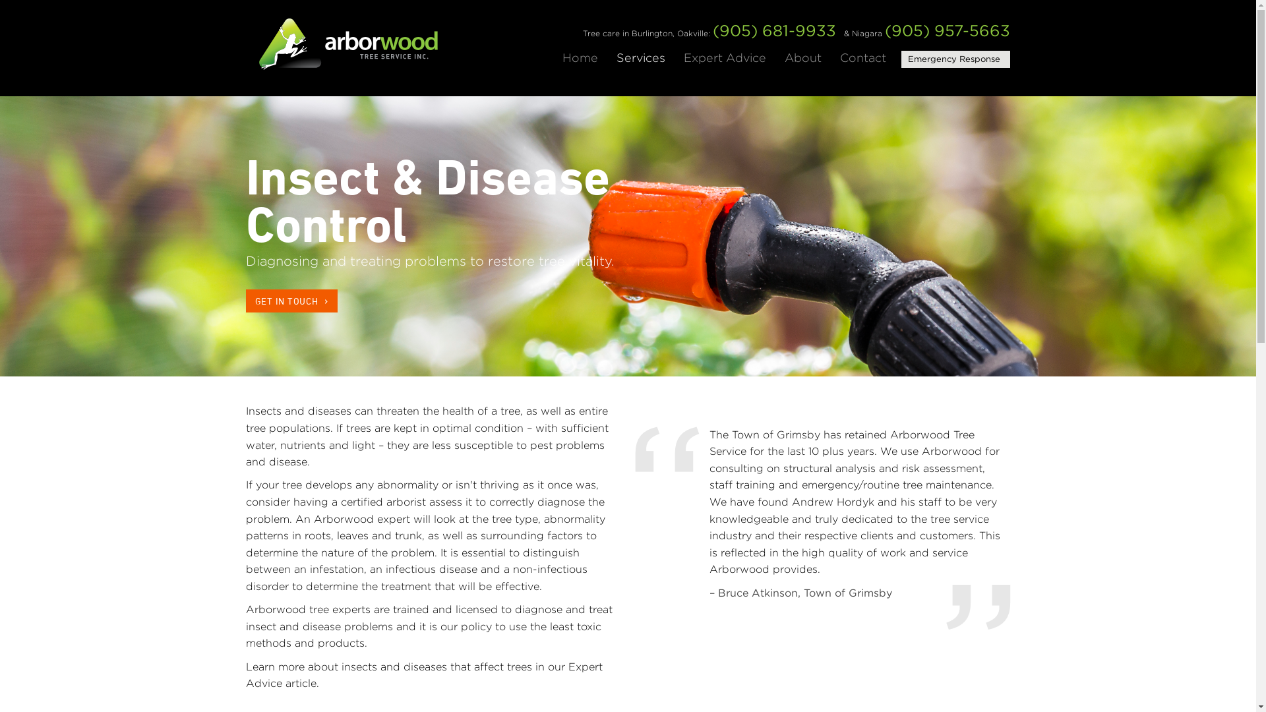 The height and width of the screenshot is (712, 1266). I want to click on 'Services', so click(616, 57).